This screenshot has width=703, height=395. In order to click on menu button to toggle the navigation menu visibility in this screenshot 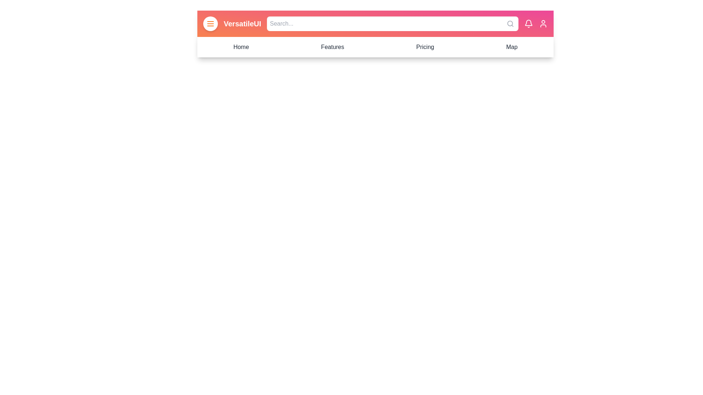, I will do `click(210, 23)`.